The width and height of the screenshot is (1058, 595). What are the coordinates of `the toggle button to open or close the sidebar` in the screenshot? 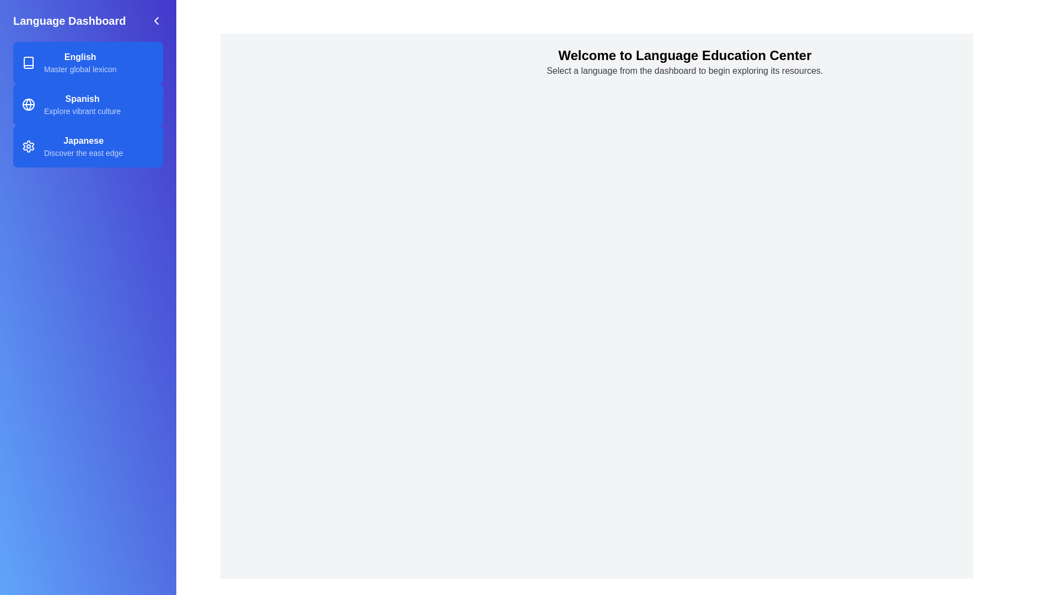 It's located at (155, 21).